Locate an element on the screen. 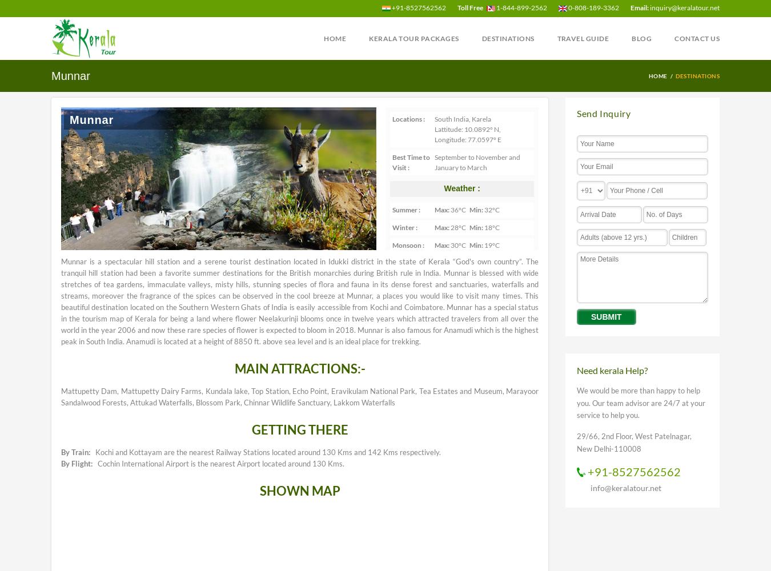  'Getting there' is located at coordinates (299, 429).